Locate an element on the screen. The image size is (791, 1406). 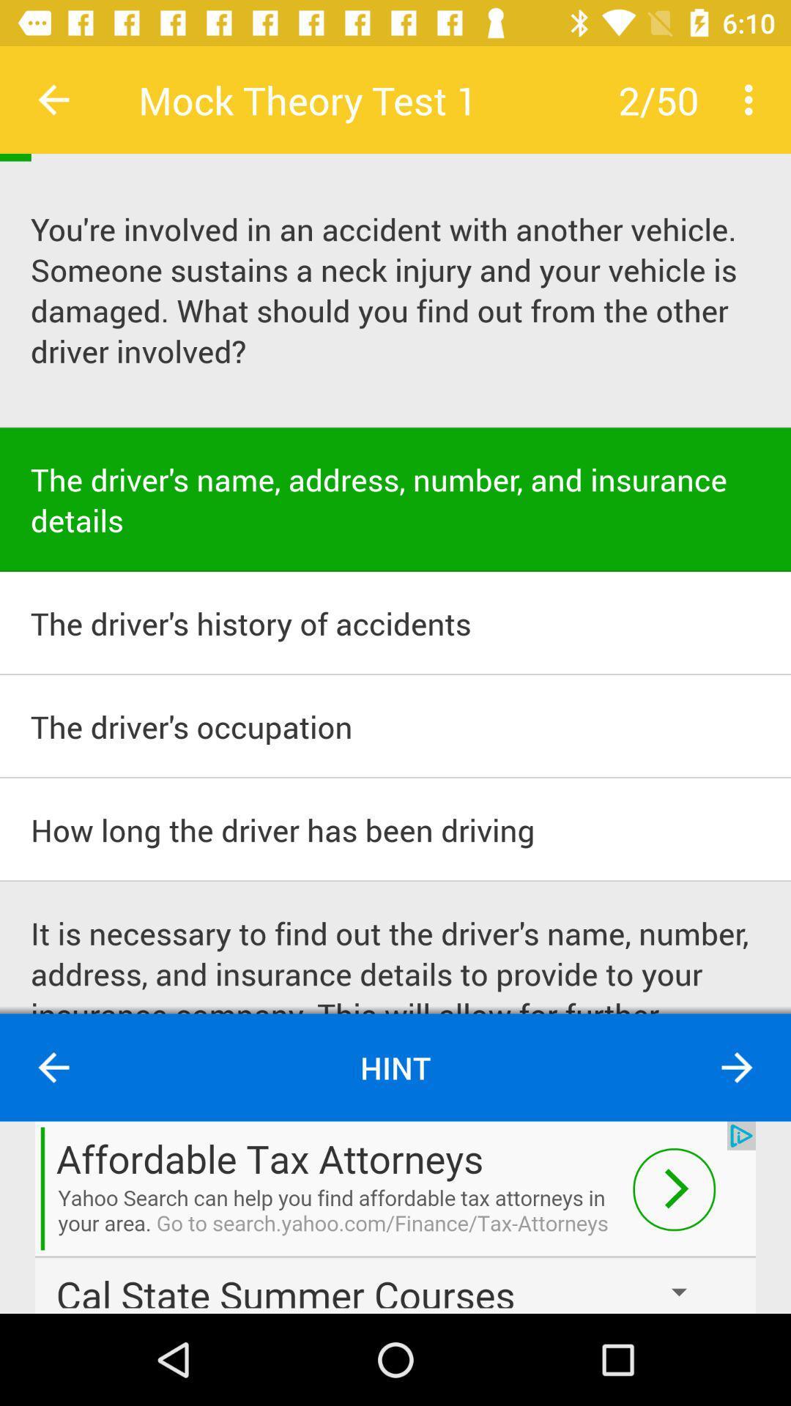
the advertisement is located at coordinates (395, 1217).